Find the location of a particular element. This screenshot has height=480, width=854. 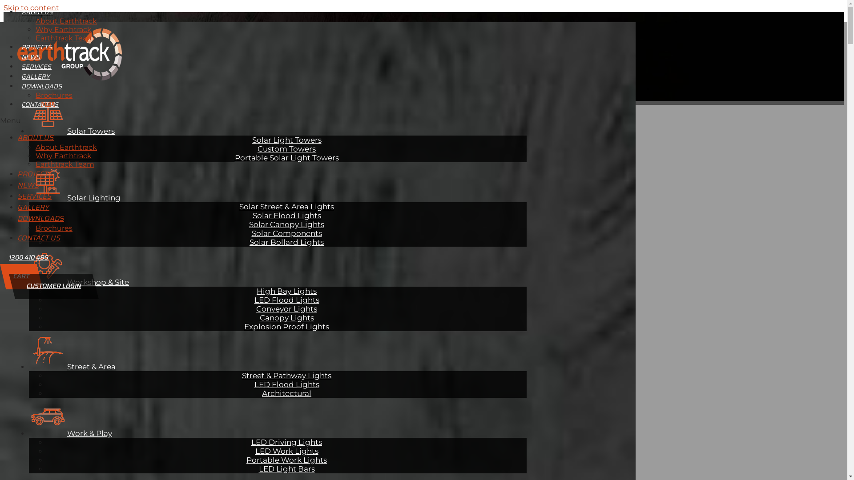

'ABOUT US' is located at coordinates (17, 137).